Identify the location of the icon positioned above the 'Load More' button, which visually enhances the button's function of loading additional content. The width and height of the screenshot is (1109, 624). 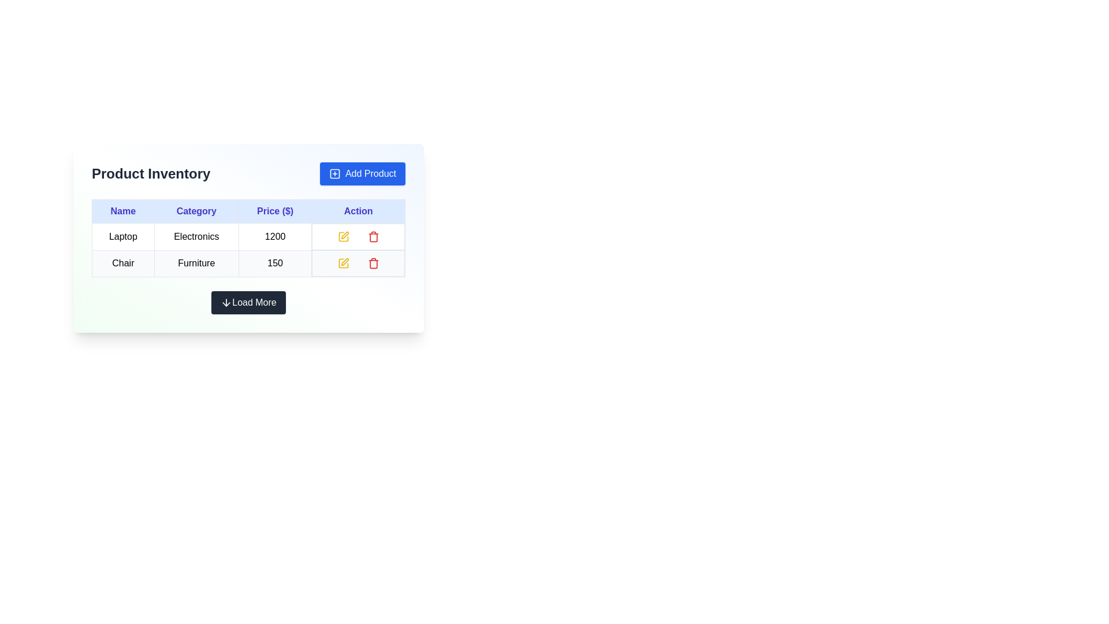
(226, 302).